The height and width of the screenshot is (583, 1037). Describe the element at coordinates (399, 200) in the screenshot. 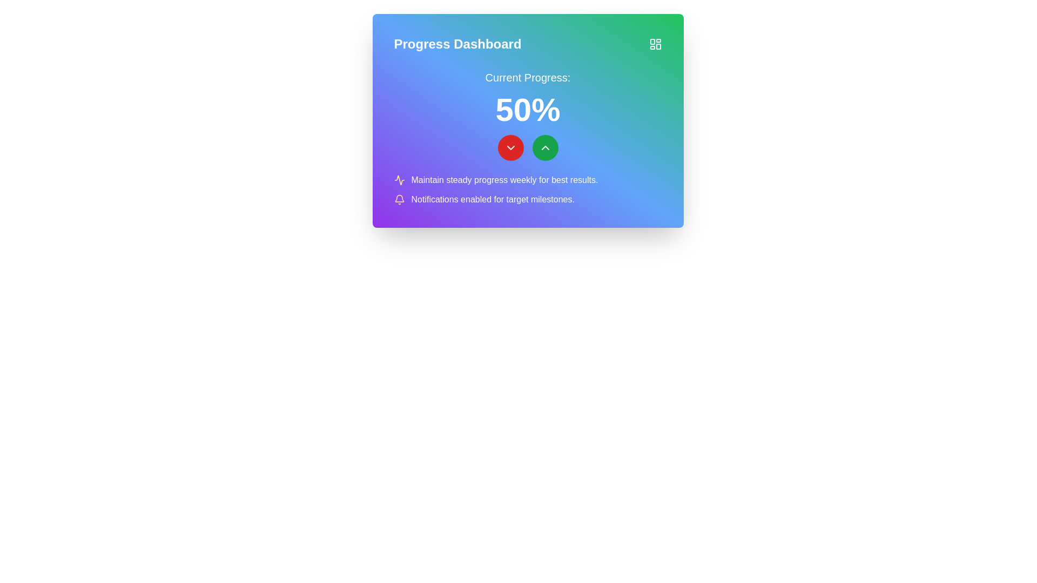

I see `the bell-shaped notification icon with a subtle orange hue located in the notification area of the dashboard to interact with it` at that location.